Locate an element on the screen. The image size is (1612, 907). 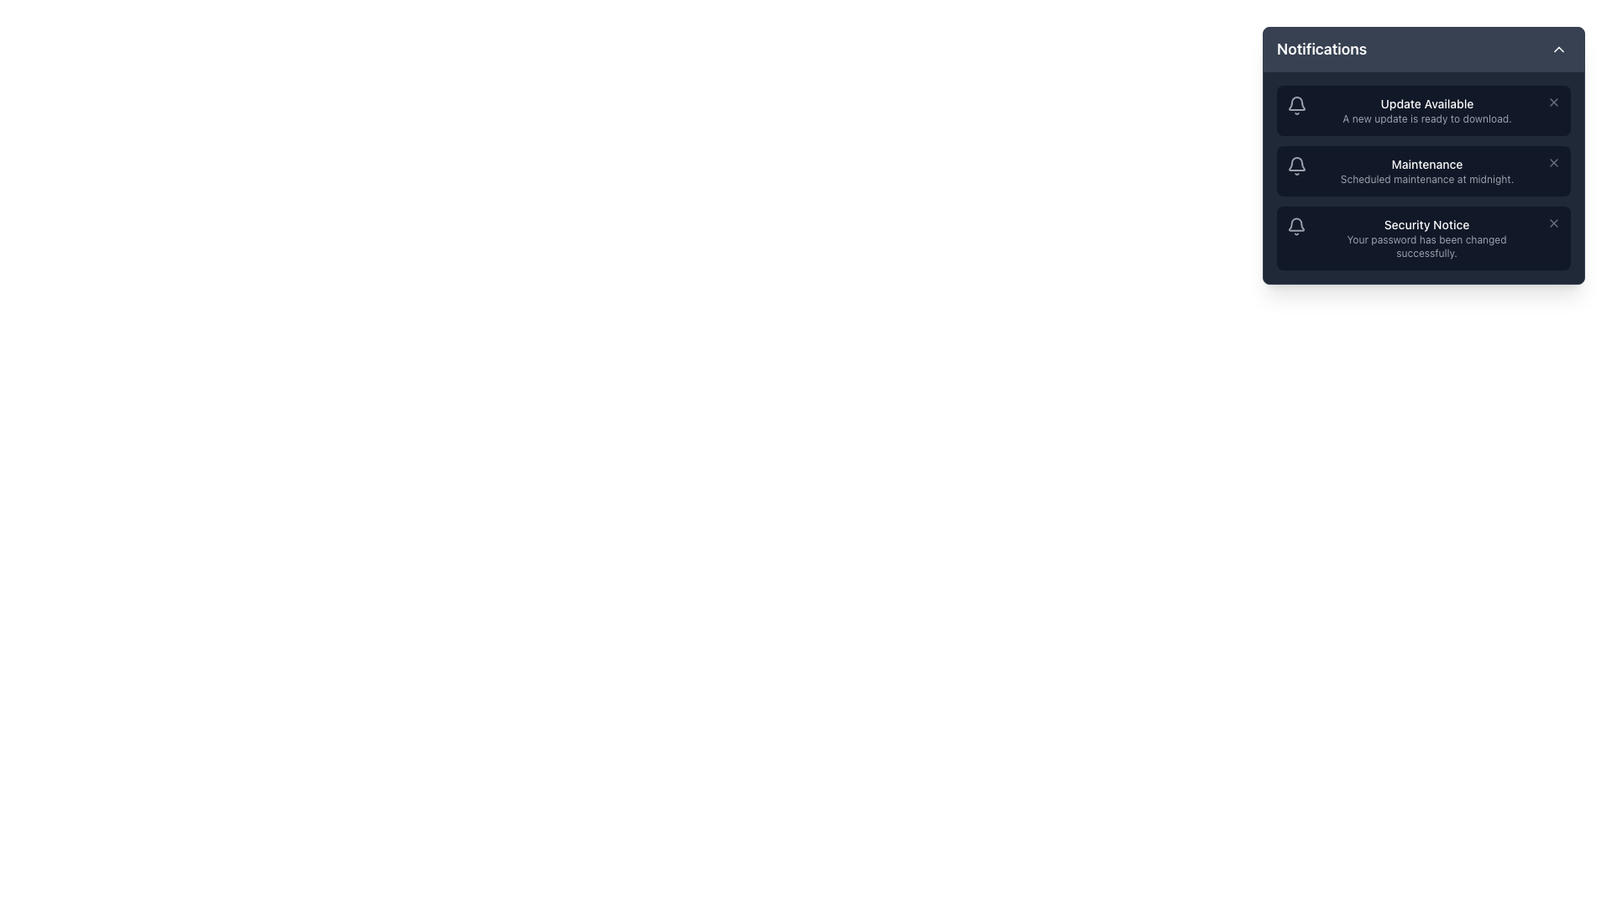
the button located at the top-right corner of the 'Notifications' section header to visualize the hover effect is located at coordinates (1558, 48).